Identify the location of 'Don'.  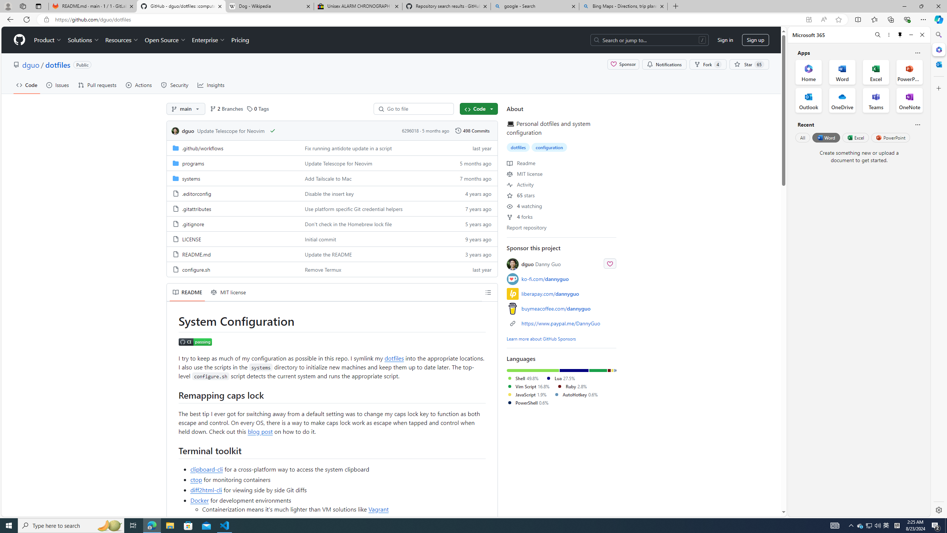
(348, 224).